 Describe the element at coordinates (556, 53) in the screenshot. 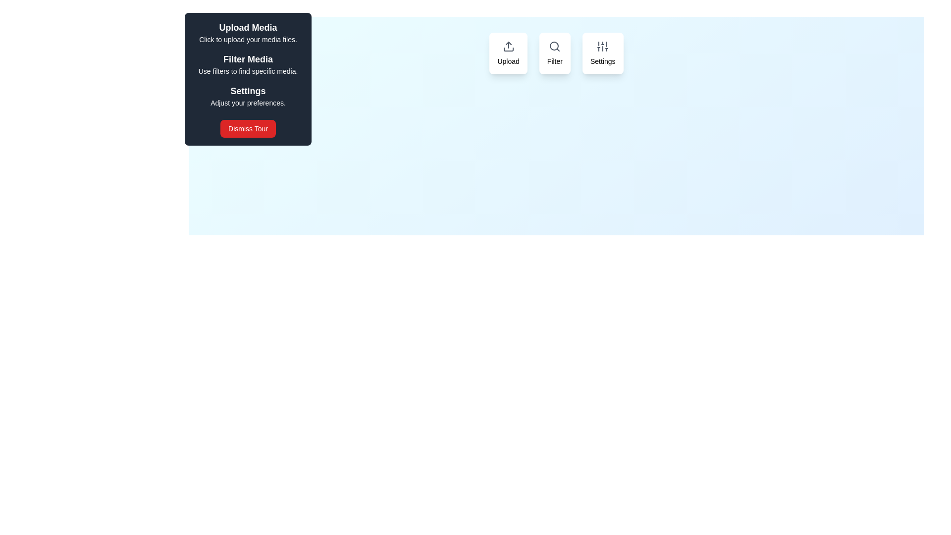

I see `the 'Filter' button, which is a white rounded rectangle with a magnifying glass icon at the top and the text 'Filter' below it, positioned centrally between the 'Upload' and 'Settings' buttons` at that location.